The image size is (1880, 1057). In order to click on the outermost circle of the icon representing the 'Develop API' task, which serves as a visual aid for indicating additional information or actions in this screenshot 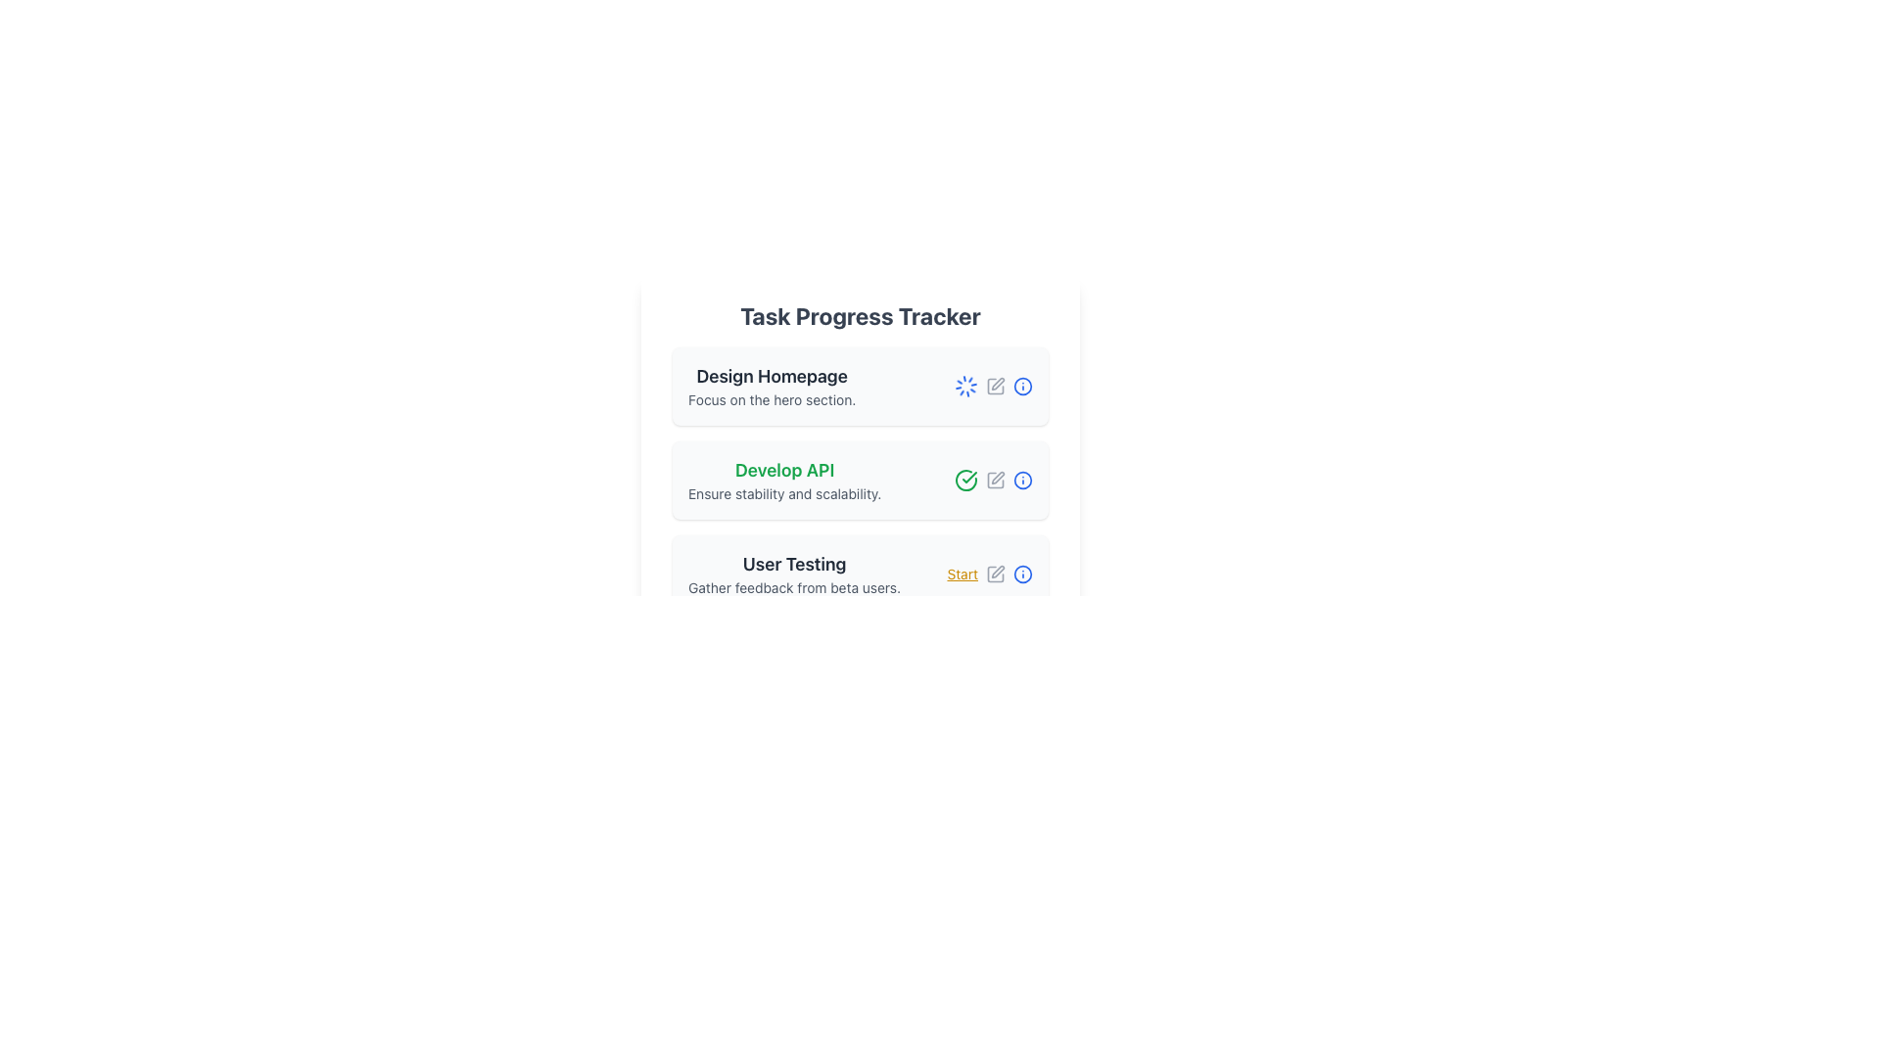, I will do `click(1022, 386)`.